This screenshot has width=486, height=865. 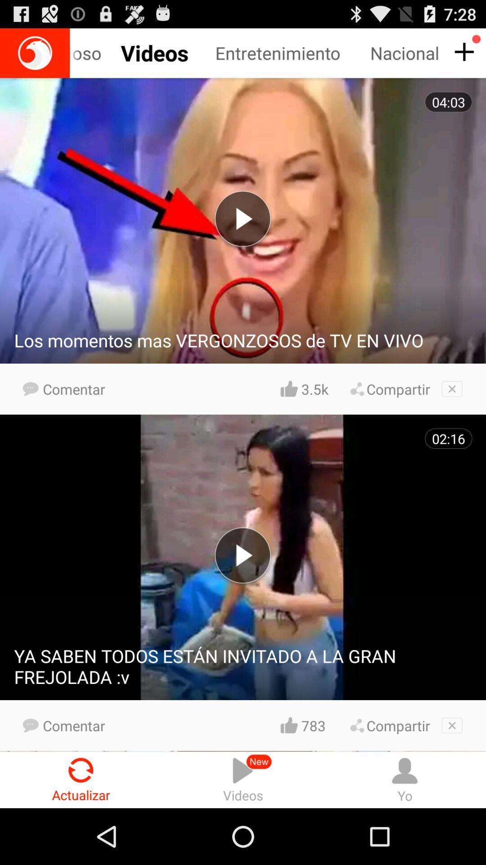 I want to click on icon above the videos item, so click(x=314, y=725).